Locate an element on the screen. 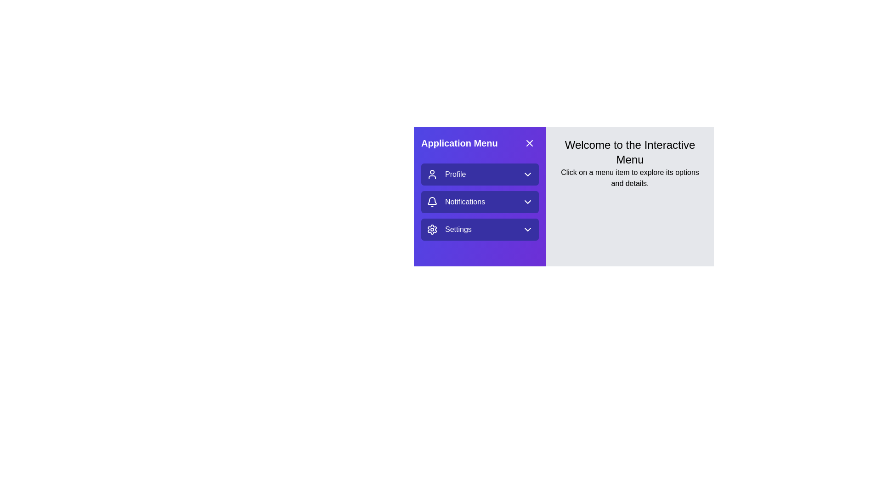  the 'Settings' button, which is the third item in the vertical menu list located between 'Notifications' and a chevron-down icon is located at coordinates (449, 229).